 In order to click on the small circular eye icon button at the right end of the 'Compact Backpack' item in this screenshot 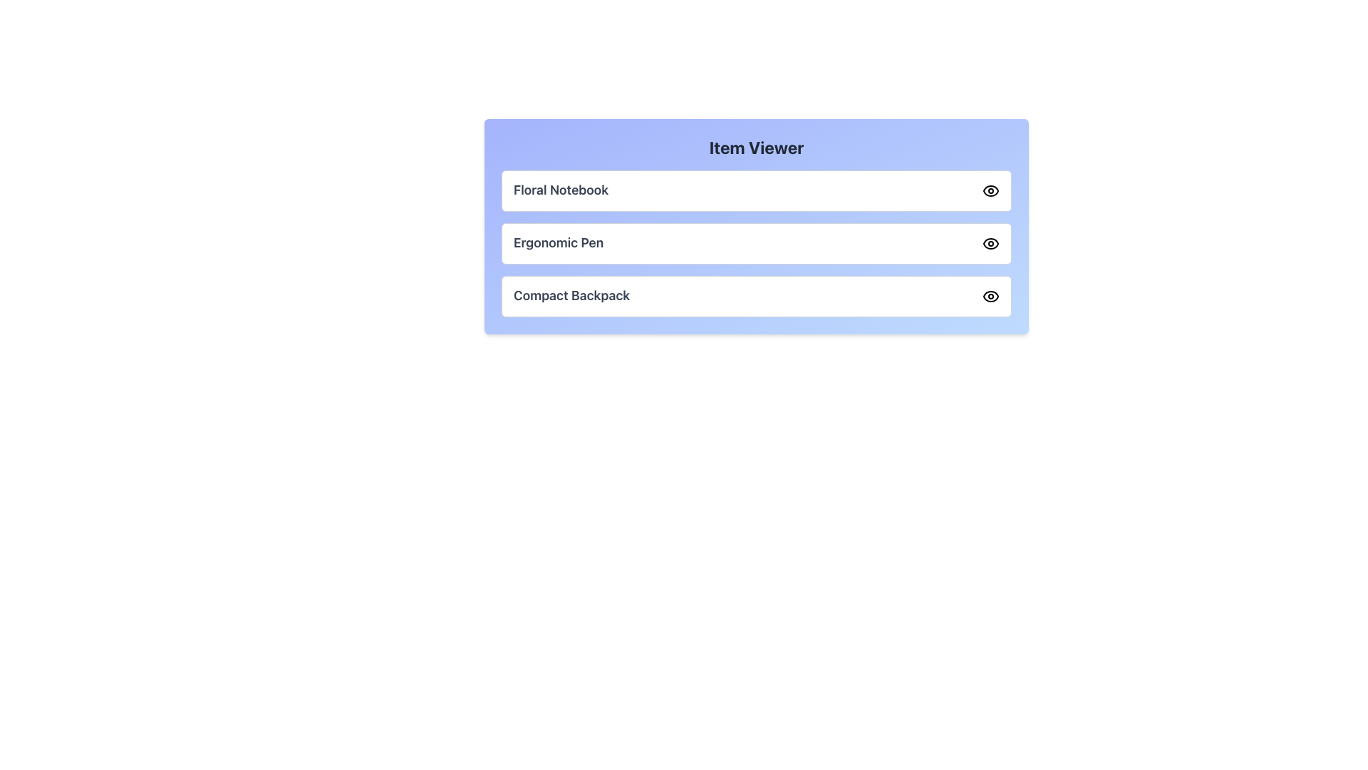, I will do `click(990, 296)`.